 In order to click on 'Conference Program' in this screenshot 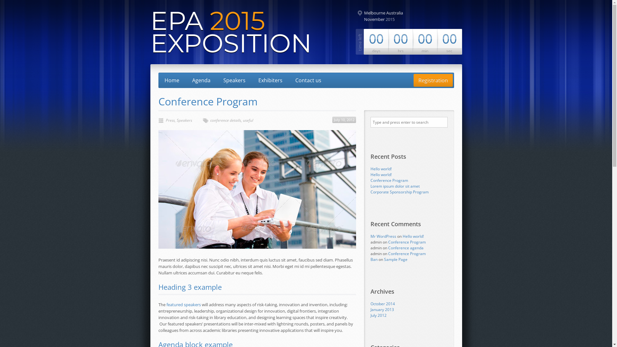, I will do `click(370, 180)`.